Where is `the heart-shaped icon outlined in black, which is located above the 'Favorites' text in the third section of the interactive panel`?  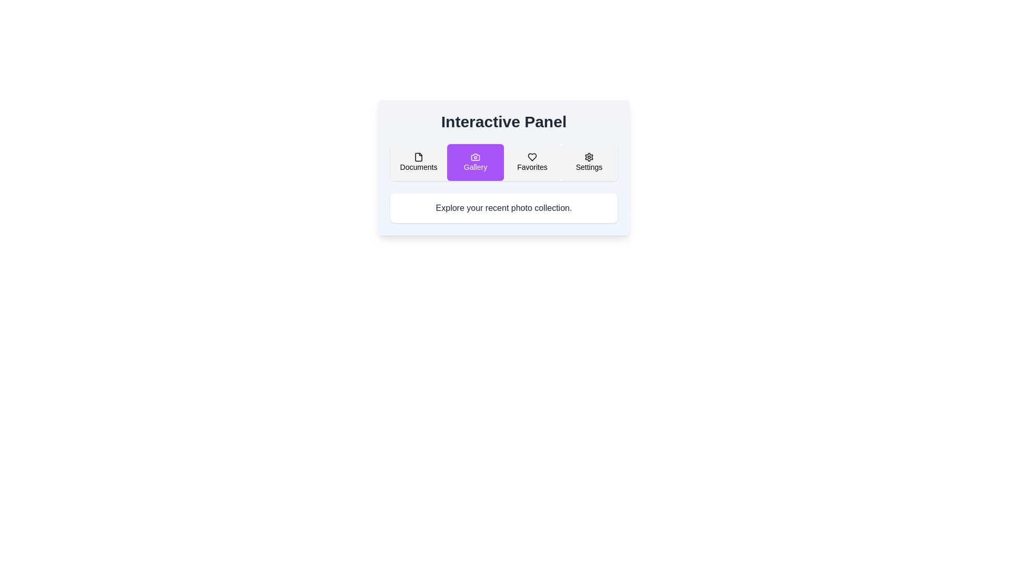 the heart-shaped icon outlined in black, which is located above the 'Favorites' text in the third section of the interactive panel is located at coordinates (532, 157).